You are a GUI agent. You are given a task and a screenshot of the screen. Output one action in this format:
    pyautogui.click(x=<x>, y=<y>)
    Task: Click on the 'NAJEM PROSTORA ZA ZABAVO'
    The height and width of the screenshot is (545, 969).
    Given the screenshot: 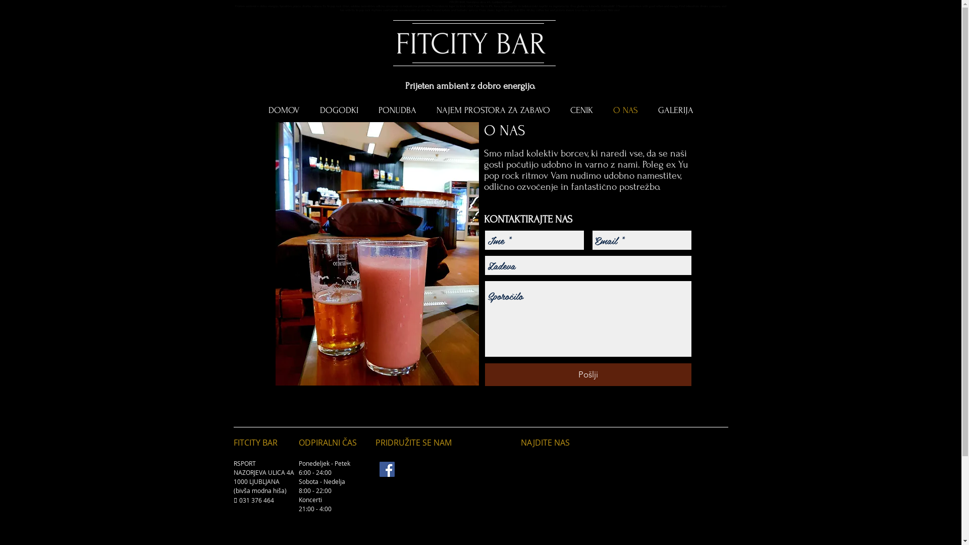 What is the action you would take?
    pyautogui.click(x=493, y=111)
    